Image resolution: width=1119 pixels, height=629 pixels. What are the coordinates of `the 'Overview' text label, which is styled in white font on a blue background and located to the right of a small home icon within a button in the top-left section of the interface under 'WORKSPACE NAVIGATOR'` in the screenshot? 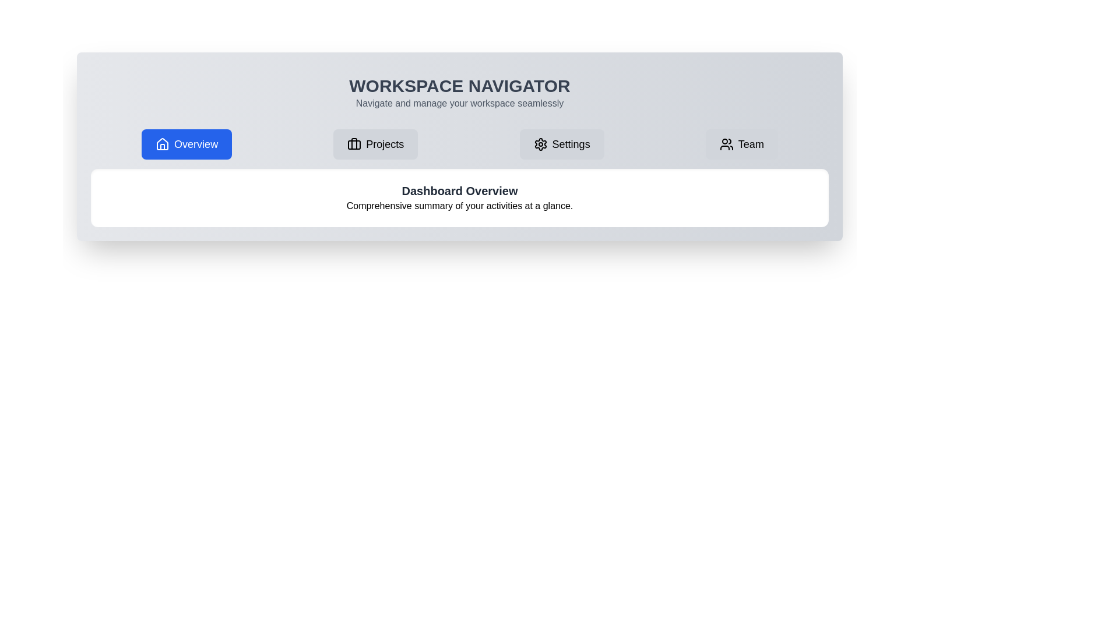 It's located at (196, 143).